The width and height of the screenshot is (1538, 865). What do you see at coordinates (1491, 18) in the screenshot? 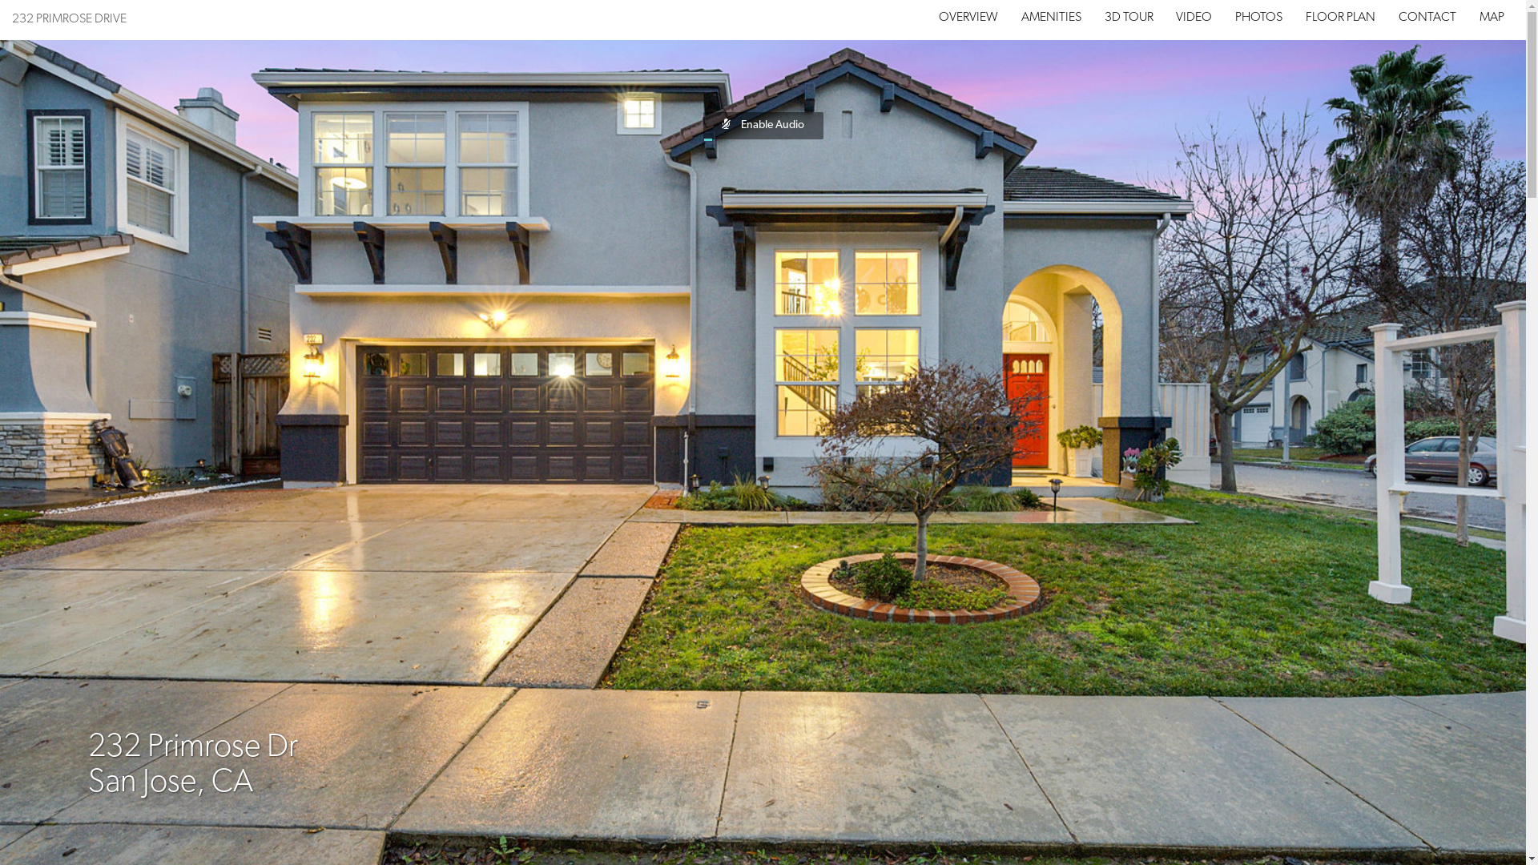
I see `'MAP'` at bounding box center [1491, 18].